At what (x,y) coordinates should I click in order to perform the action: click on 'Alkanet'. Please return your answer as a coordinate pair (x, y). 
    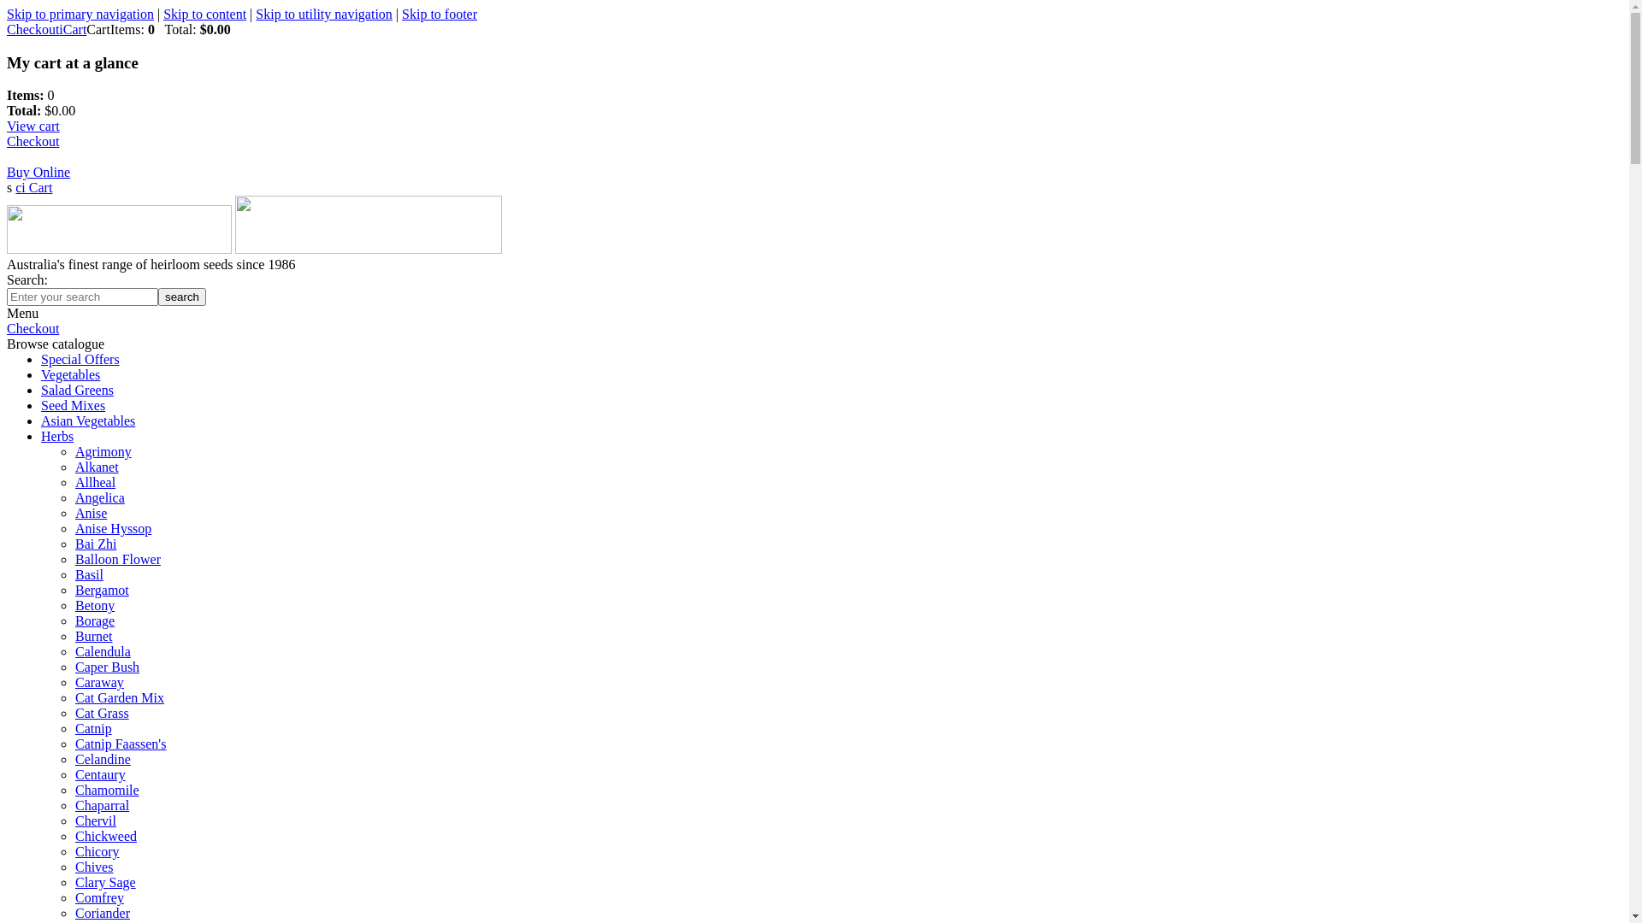
    Looking at the image, I should click on (96, 467).